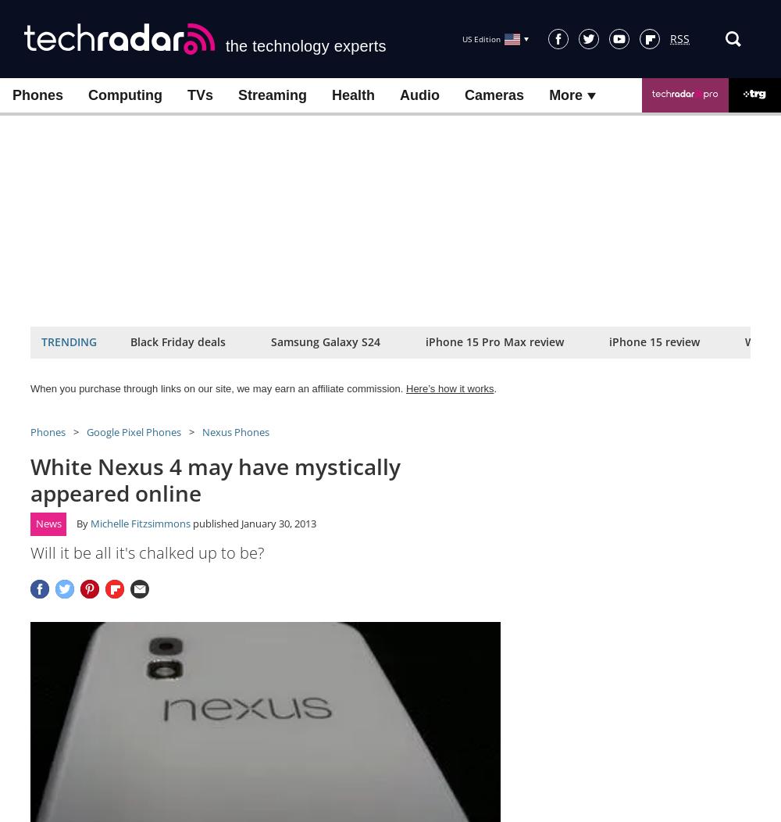 The height and width of the screenshot is (822, 781). Describe the element at coordinates (133, 432) in the screenshot. I see `'Google Pixel Phones'` at that location.